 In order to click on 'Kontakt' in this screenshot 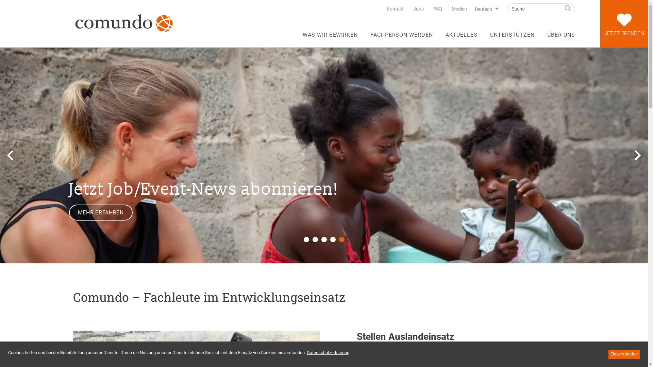, I will do `click(395, 9)`.